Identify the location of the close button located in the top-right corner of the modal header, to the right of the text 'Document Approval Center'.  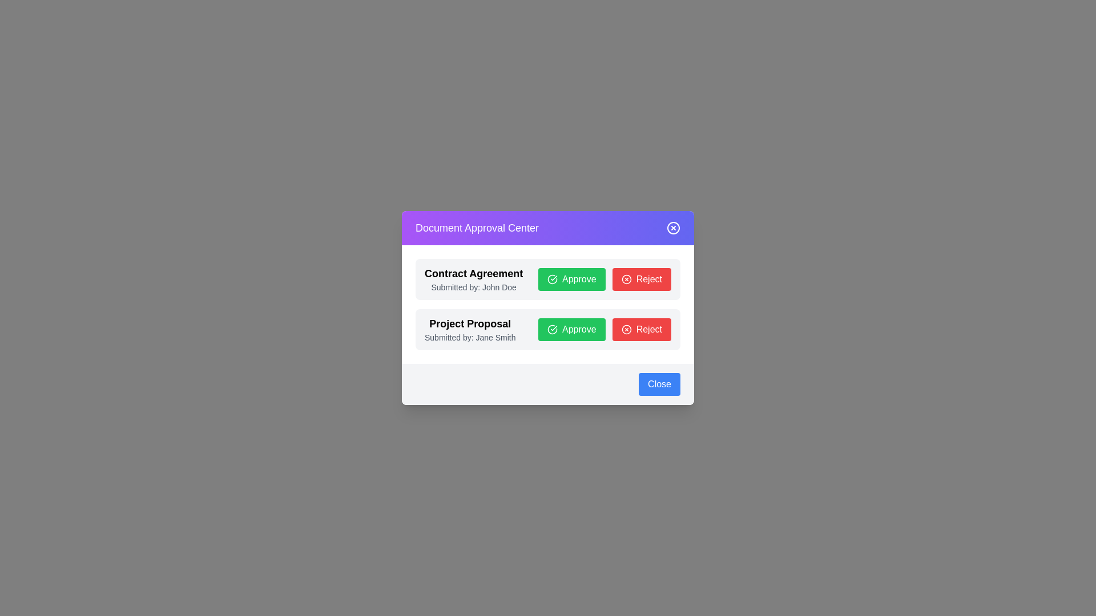
(674, 228).